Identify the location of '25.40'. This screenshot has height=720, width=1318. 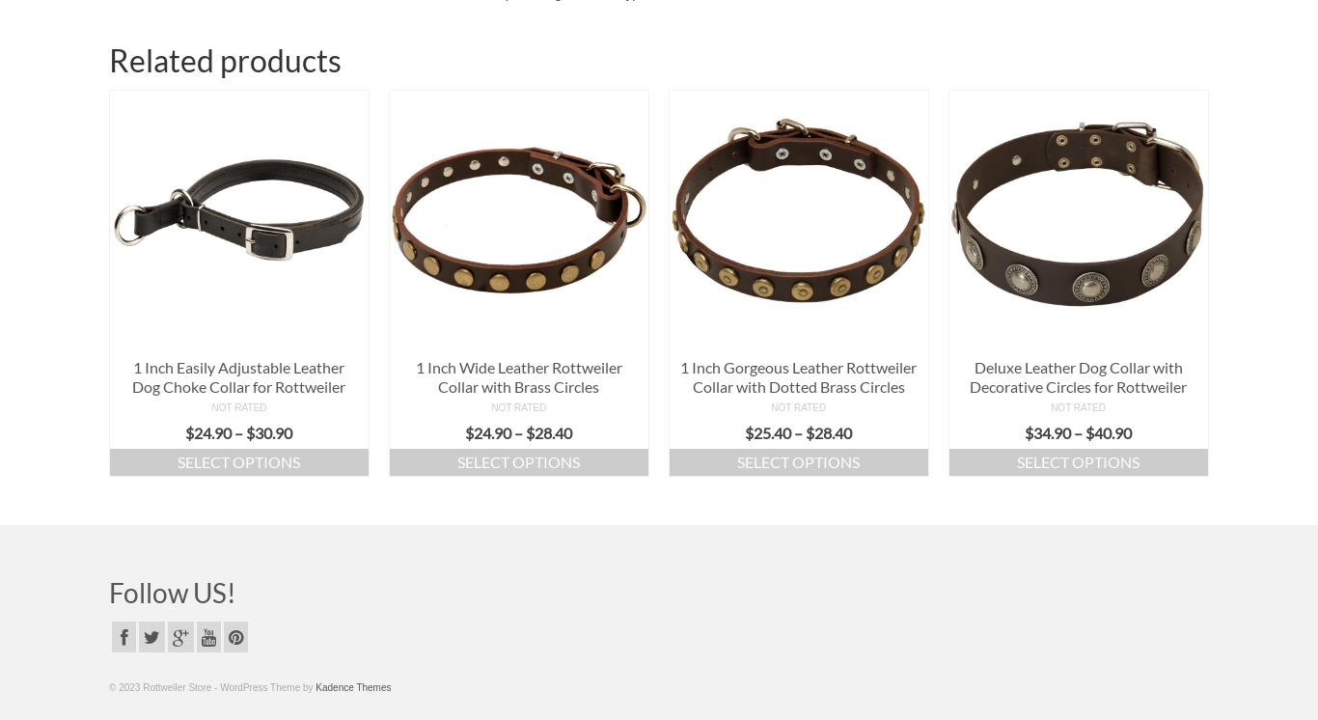
(771, 432).